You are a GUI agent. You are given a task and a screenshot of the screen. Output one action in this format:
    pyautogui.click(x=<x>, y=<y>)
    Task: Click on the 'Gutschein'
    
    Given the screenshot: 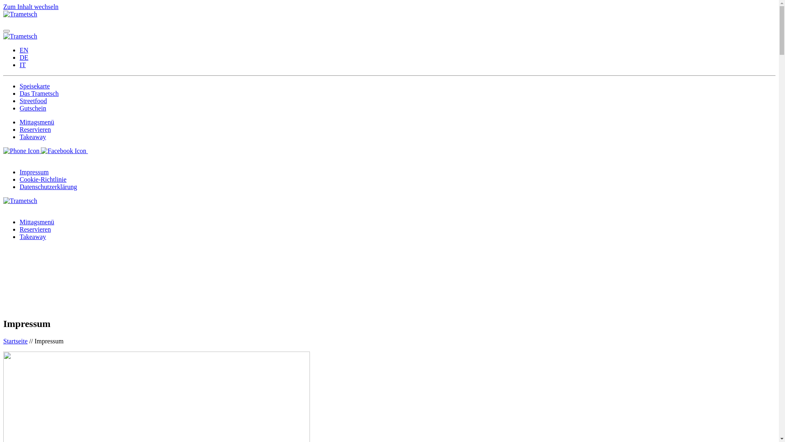 What is the action you would take?
    pyautogui.click(x=33, y=108)
    